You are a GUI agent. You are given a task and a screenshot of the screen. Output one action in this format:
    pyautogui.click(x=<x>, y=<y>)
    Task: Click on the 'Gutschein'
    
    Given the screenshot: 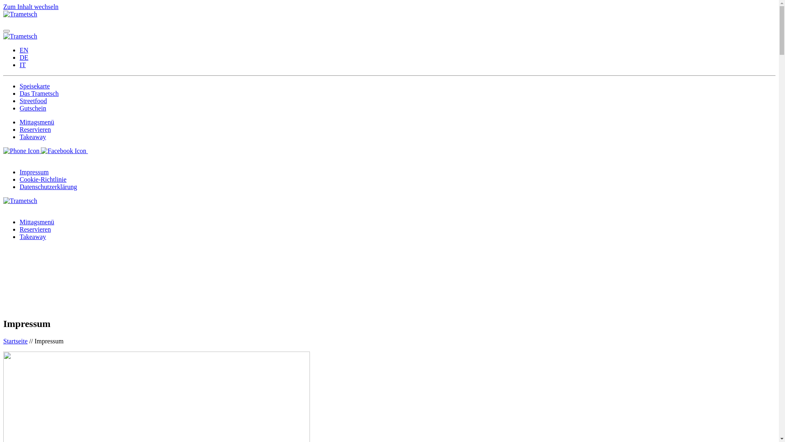 What is the action you would take?
    pyautogui.click(x=33, y=108)
    